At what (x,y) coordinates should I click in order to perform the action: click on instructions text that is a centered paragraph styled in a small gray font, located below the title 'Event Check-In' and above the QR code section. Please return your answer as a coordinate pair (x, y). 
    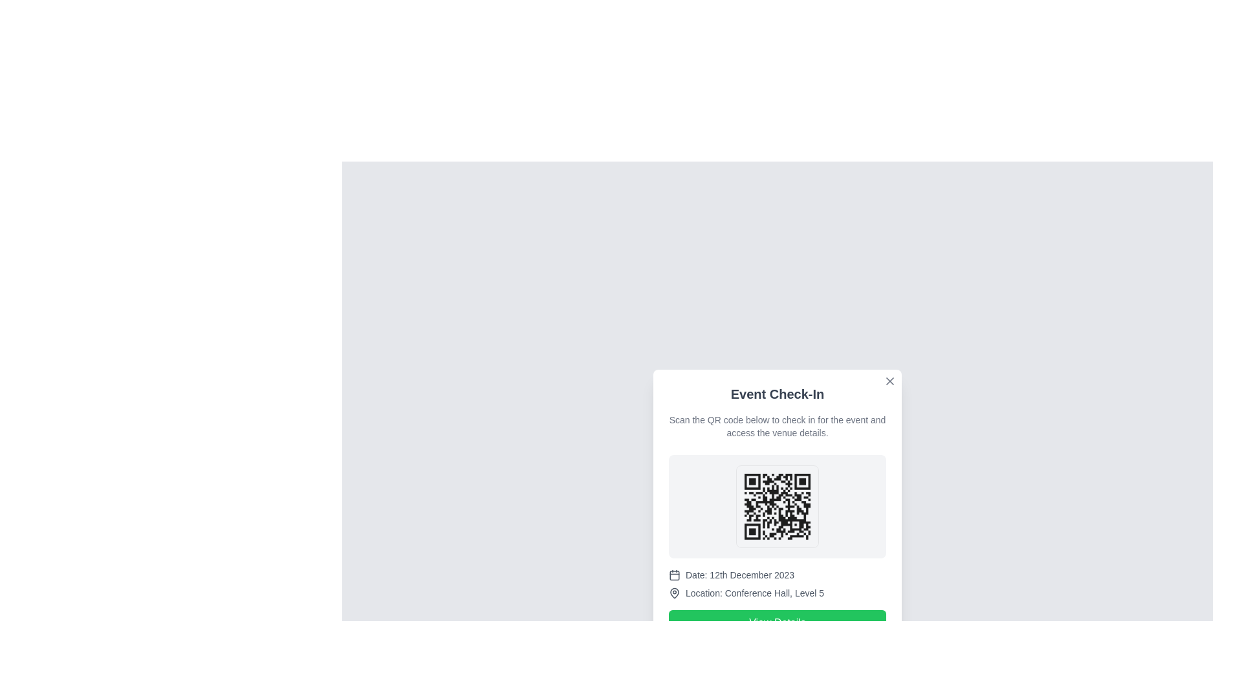
    Looking at the image, I should click on (776, 426).